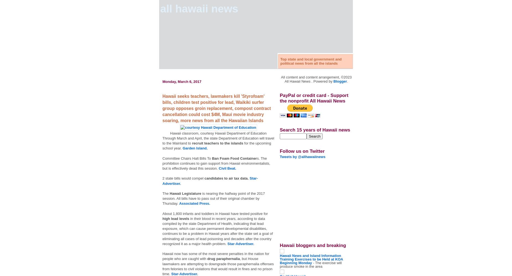 Image resolution: width=512 pixels, height=276 pixels. What do you see at coordinates (162, 266) in the screenshot?
I see `', but House lawmakers are attempting to downgrade those paraphernalia offenses from felonies to civil violations that would result in fines and no prison time.'` at bounding box center [162, 266].